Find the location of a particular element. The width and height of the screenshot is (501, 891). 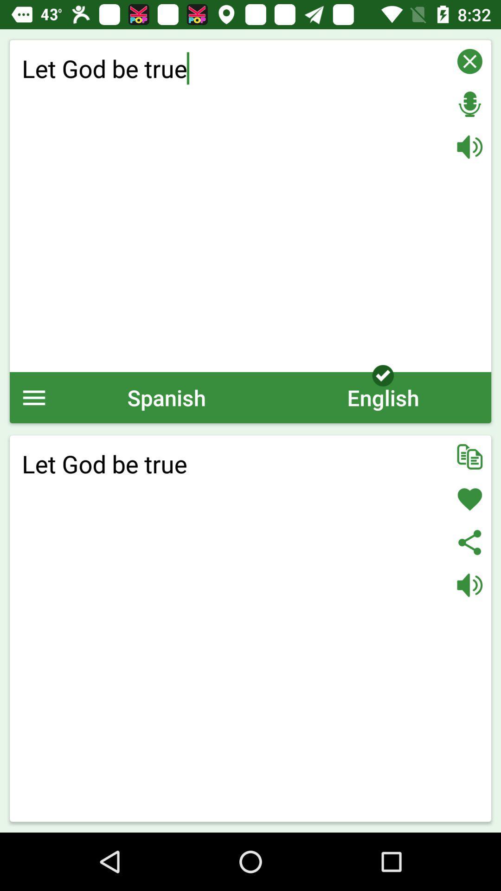

alternate text is located at coordinates (469, 457).